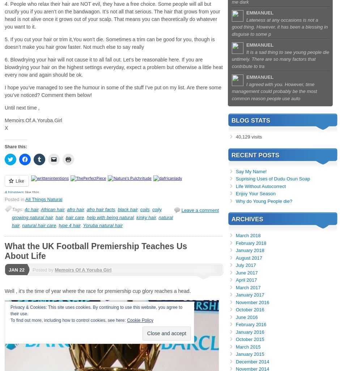  What do you see at coordinates (248, 346) in the screenshot?
I see `'March 2015'` at bounding box center [248, 346].